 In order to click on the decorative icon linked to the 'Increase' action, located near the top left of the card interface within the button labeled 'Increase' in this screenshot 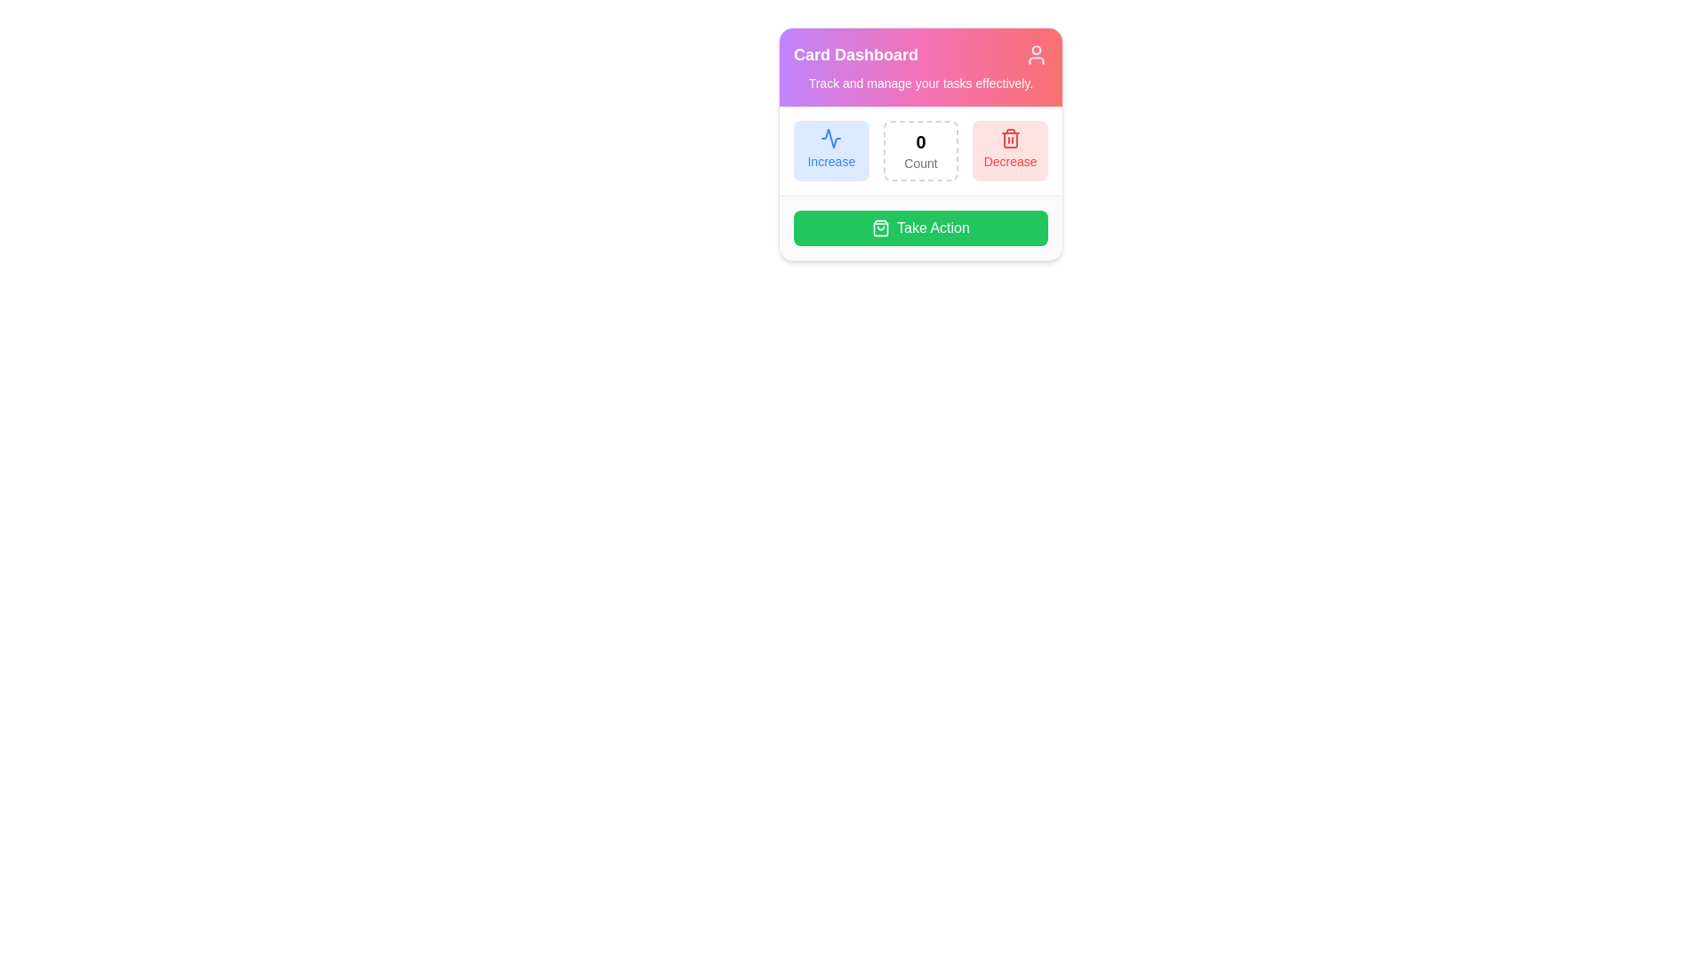, I will do `click(830, 137)`.